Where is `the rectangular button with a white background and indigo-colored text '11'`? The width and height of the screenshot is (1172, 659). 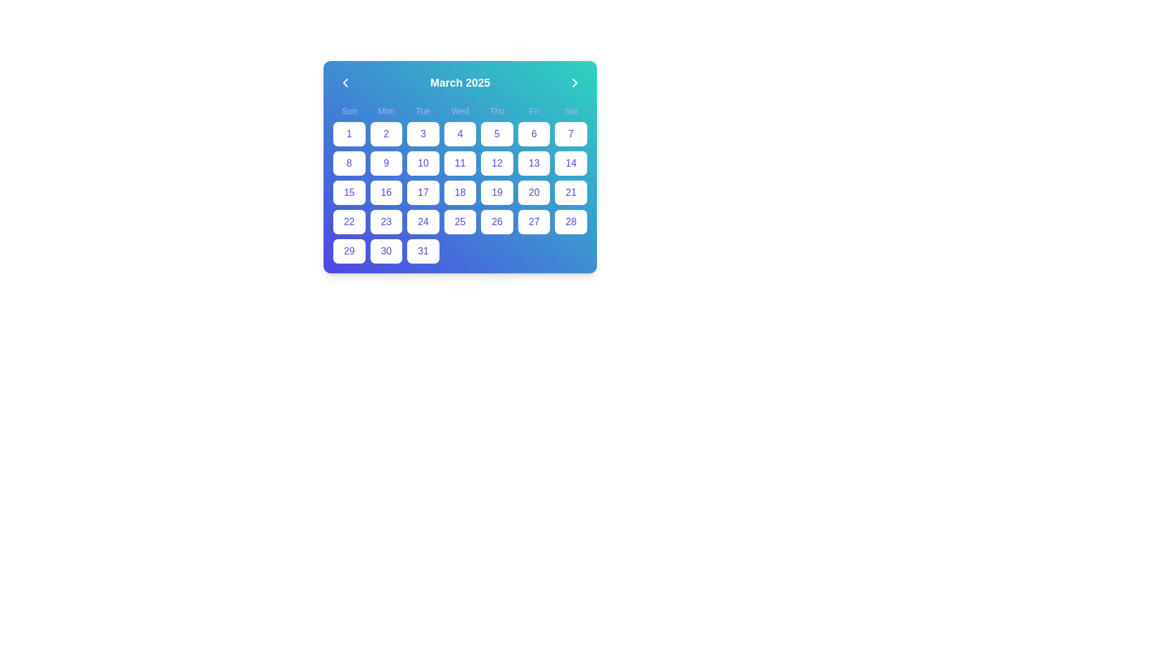 the rectangular button with a white background and indigo-colored text '11' is located at coordinates (459, 162).